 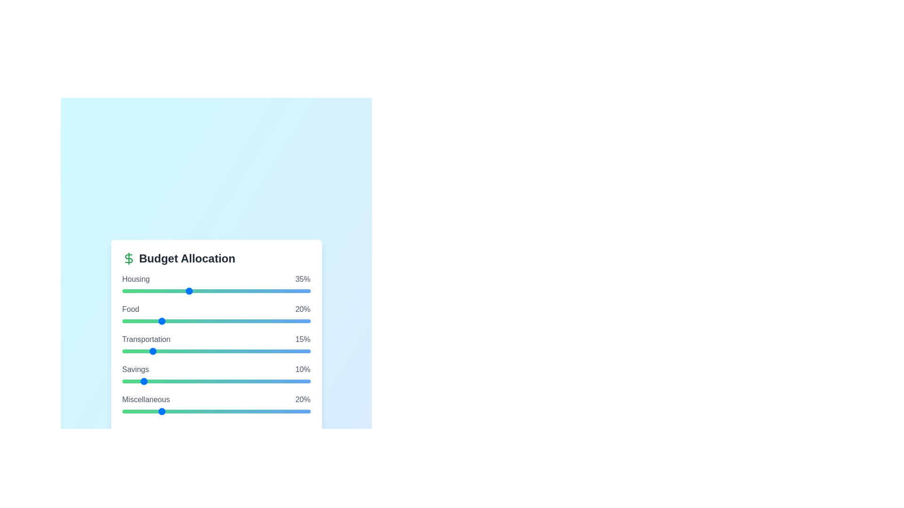 I want to click on the slider for a specific budget category to 8%, so click(x=137, y=290).